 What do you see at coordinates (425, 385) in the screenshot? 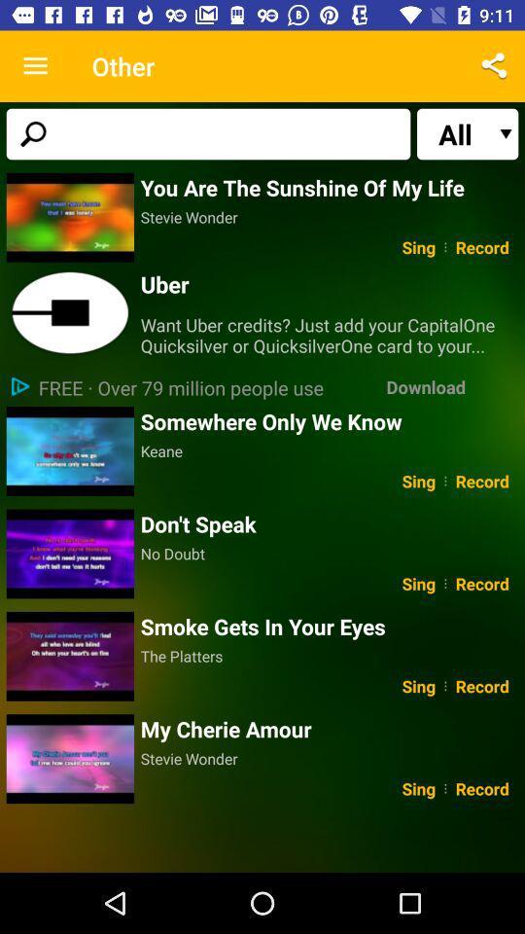
I see `the download item` at bounding box center [425, 385].